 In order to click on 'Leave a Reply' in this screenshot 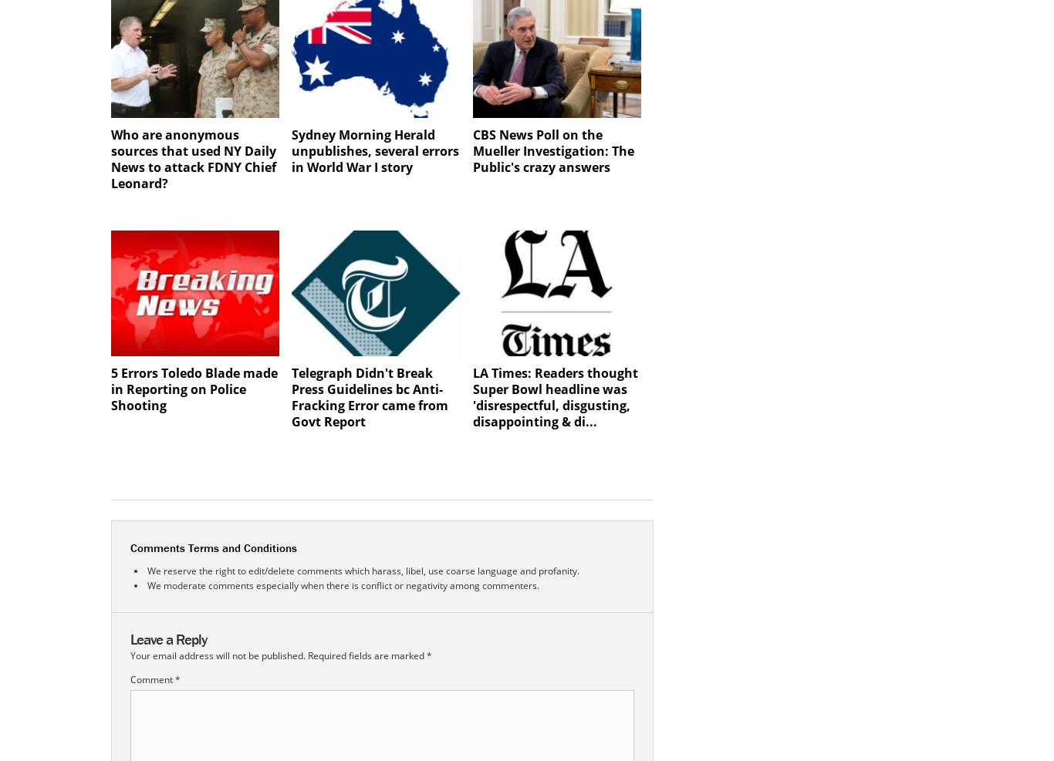, I will do `click(167, 638)`.